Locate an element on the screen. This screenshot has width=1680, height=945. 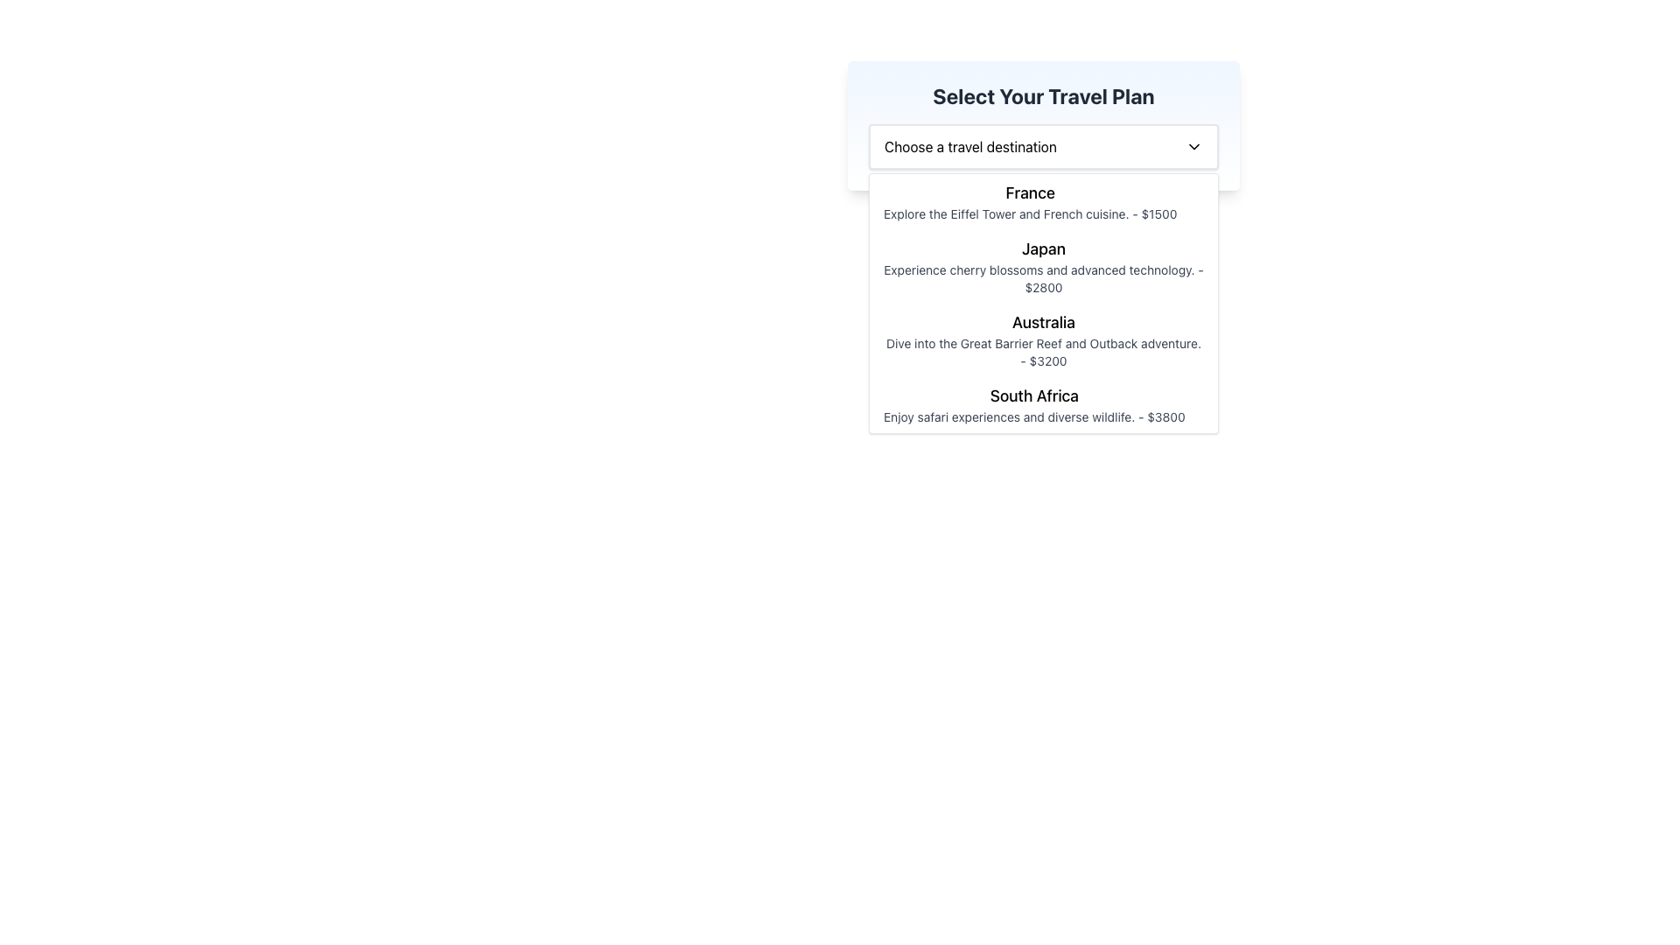
the Text Label that describes the travel opportunity to Japan, which is styled in a smaller font size with a grayish hue and located below the header 'Japan' is located at coordinates (1044, 278).